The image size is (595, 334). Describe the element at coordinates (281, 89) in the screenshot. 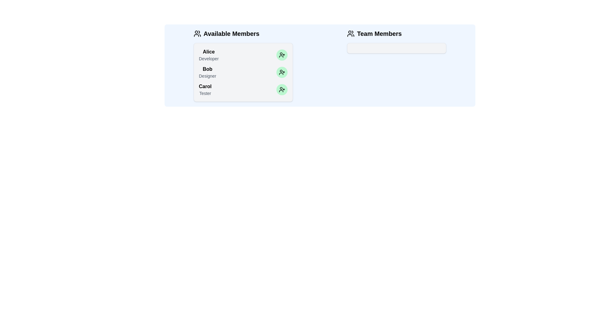

I see `the green button next to the name of Carol to transfer them to the team` at that location.